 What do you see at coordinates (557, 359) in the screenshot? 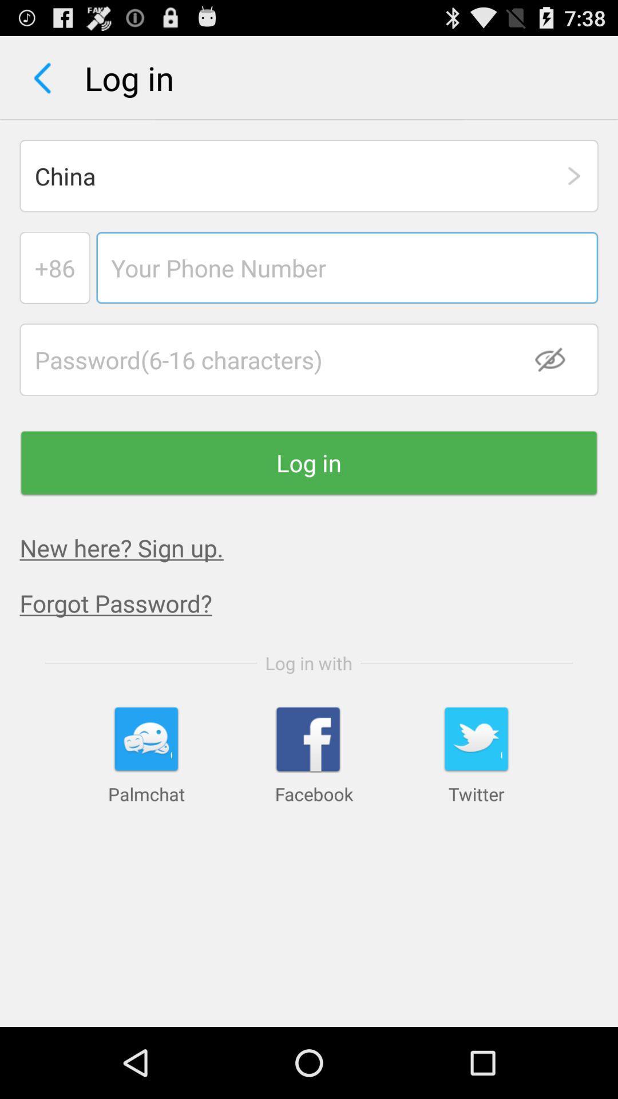
I see `the icon above the log in icon` at bounding box center [557, 359].